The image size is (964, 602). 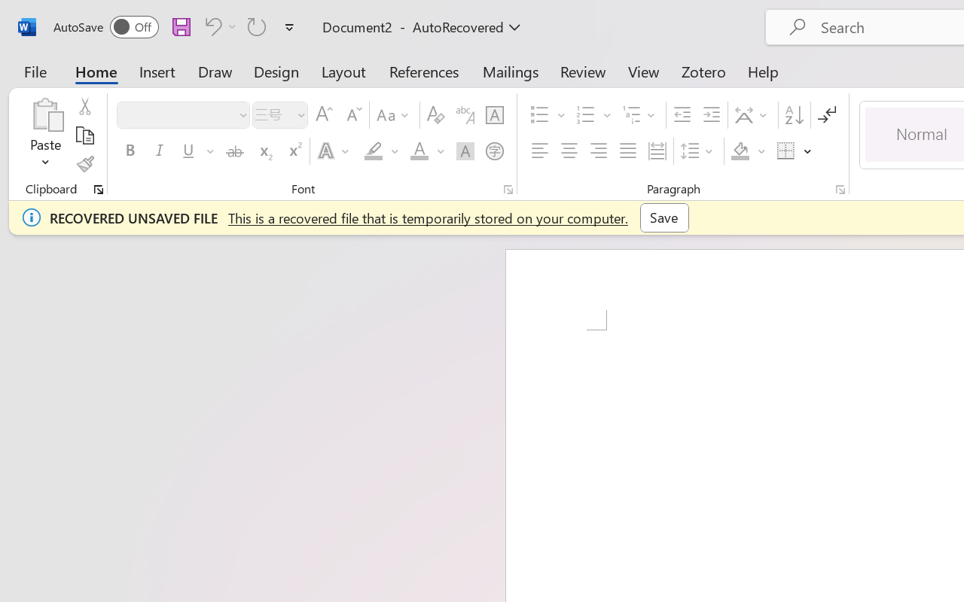 What do you see at coordinates (597, 151) in the screenshot?
I see `'Align Right'` at bounding box center [597, 151].